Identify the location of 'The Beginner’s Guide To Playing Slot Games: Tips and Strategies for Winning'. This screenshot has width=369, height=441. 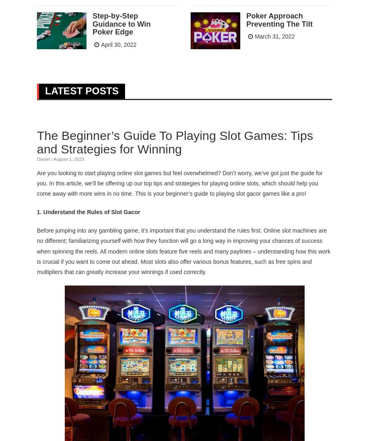
(175, 142).